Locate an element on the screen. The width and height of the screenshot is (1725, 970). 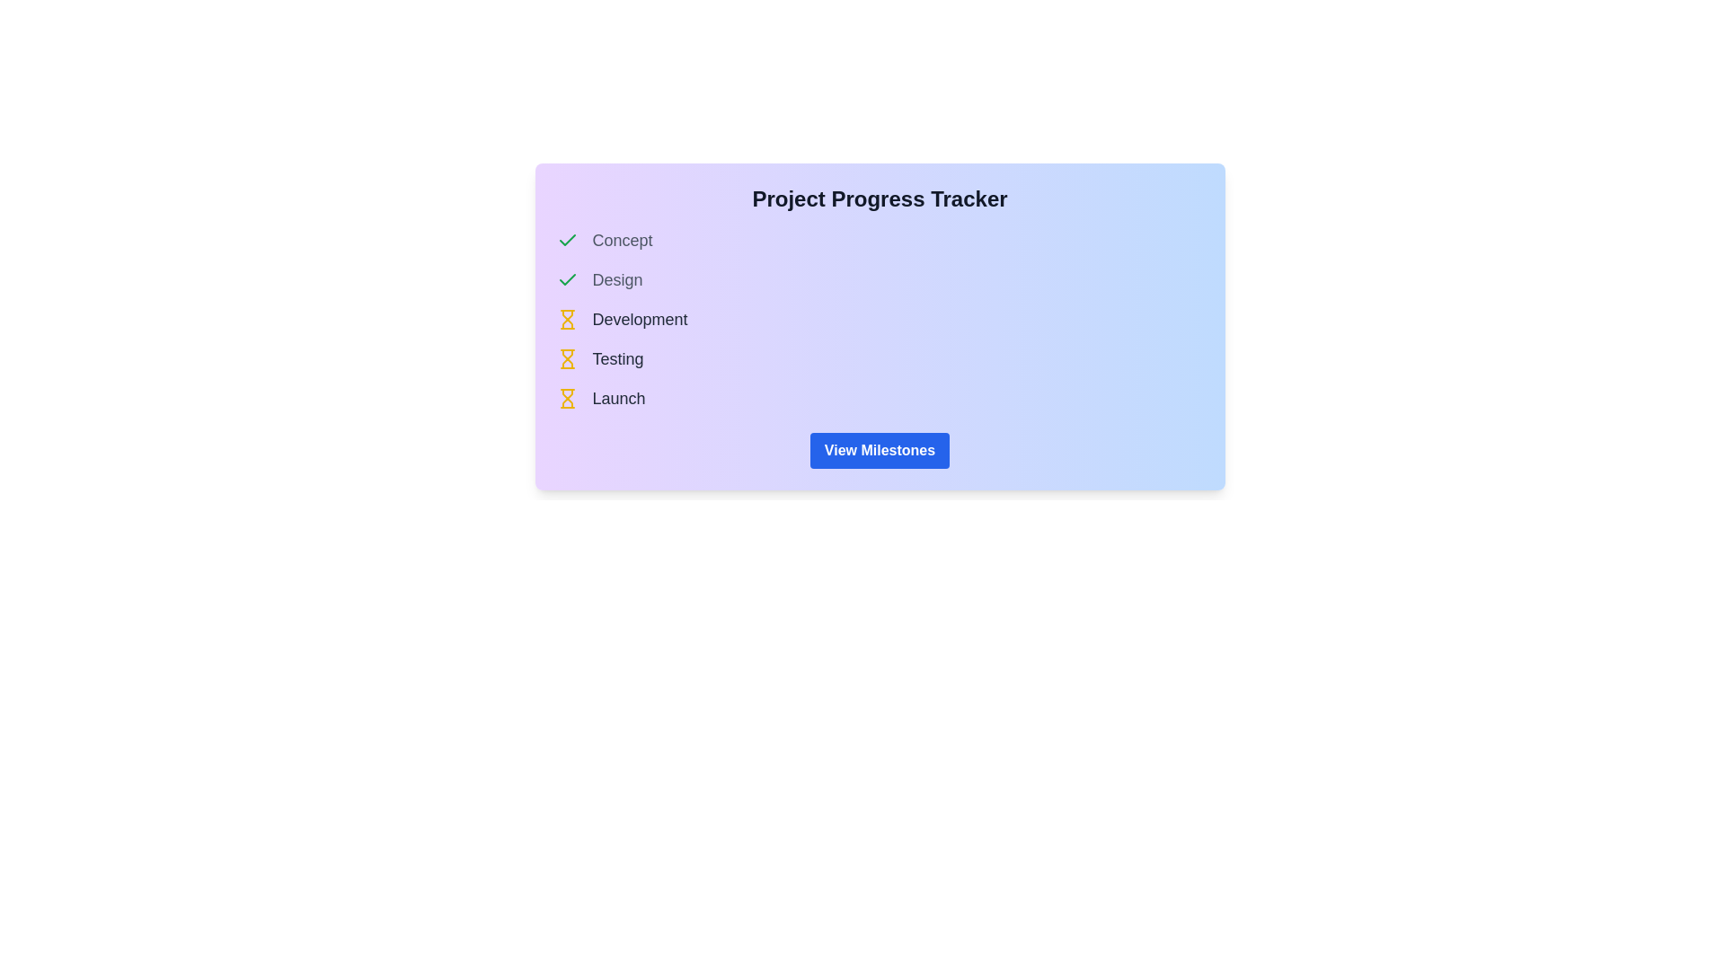
the green checkmark icon located next to the text 'Concept' in the progress tracker is located at coordinates (566, 239).